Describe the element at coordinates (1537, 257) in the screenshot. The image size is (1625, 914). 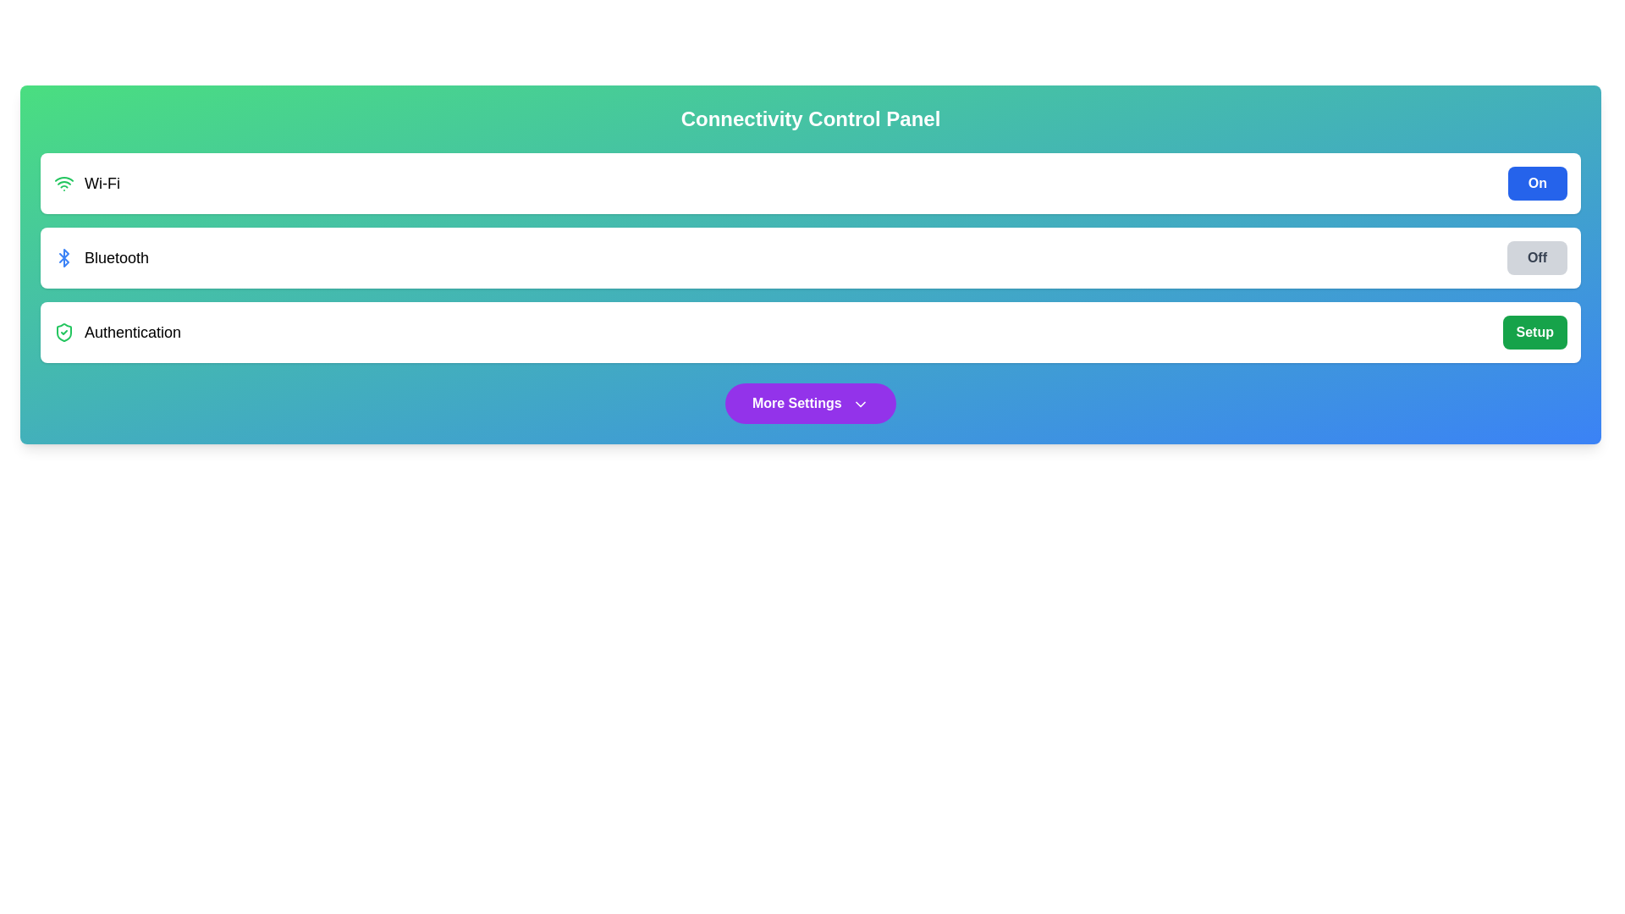
I see `the 'Off' button with a gray background, located to the right of the 'Bluetooth' label in the connectivity options row, to visualize its interactive feedback effect` at that location.